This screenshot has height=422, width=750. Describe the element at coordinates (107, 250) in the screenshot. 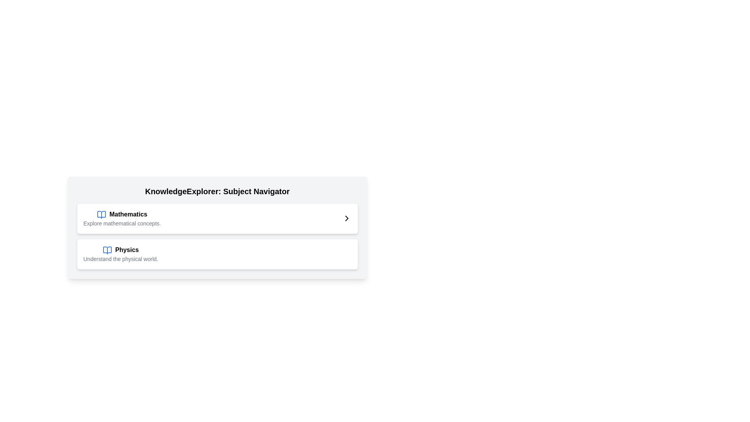

I see `the small blue icon resembling an open book located to the left of the 'Physics' topic in the list` at that location.